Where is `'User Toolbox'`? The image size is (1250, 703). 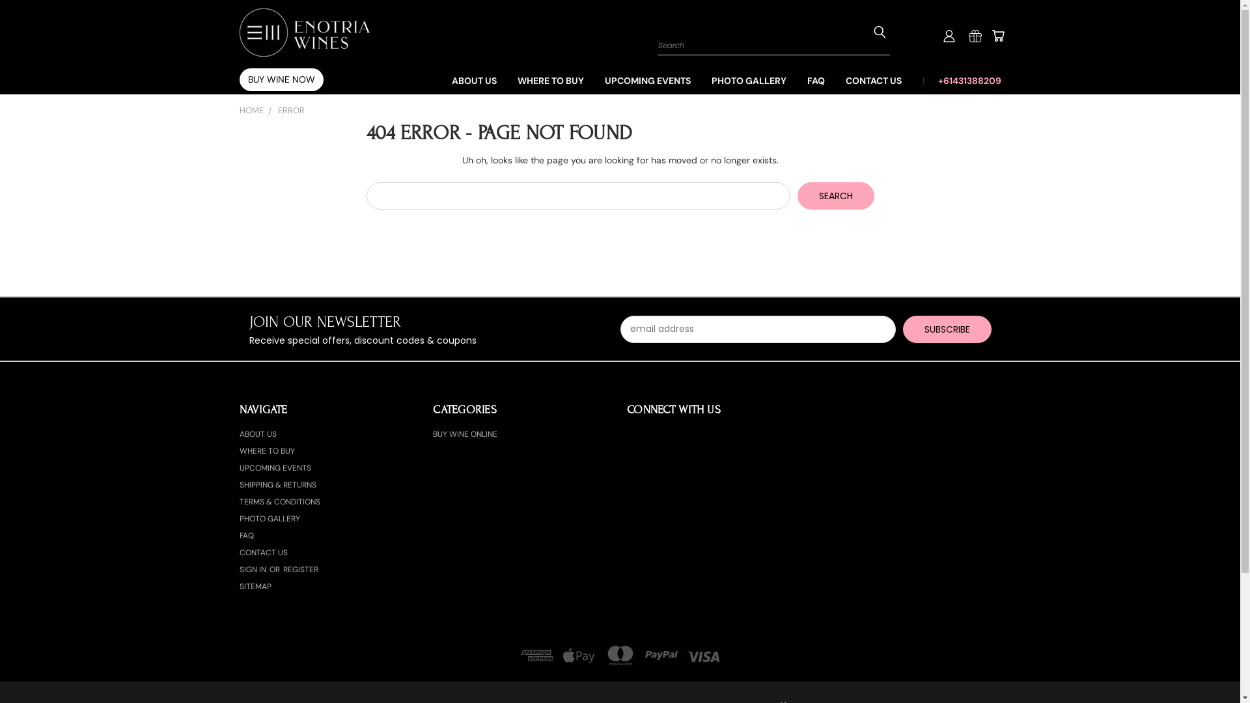 'User Toolbox' is located at coordinates (943, 34).